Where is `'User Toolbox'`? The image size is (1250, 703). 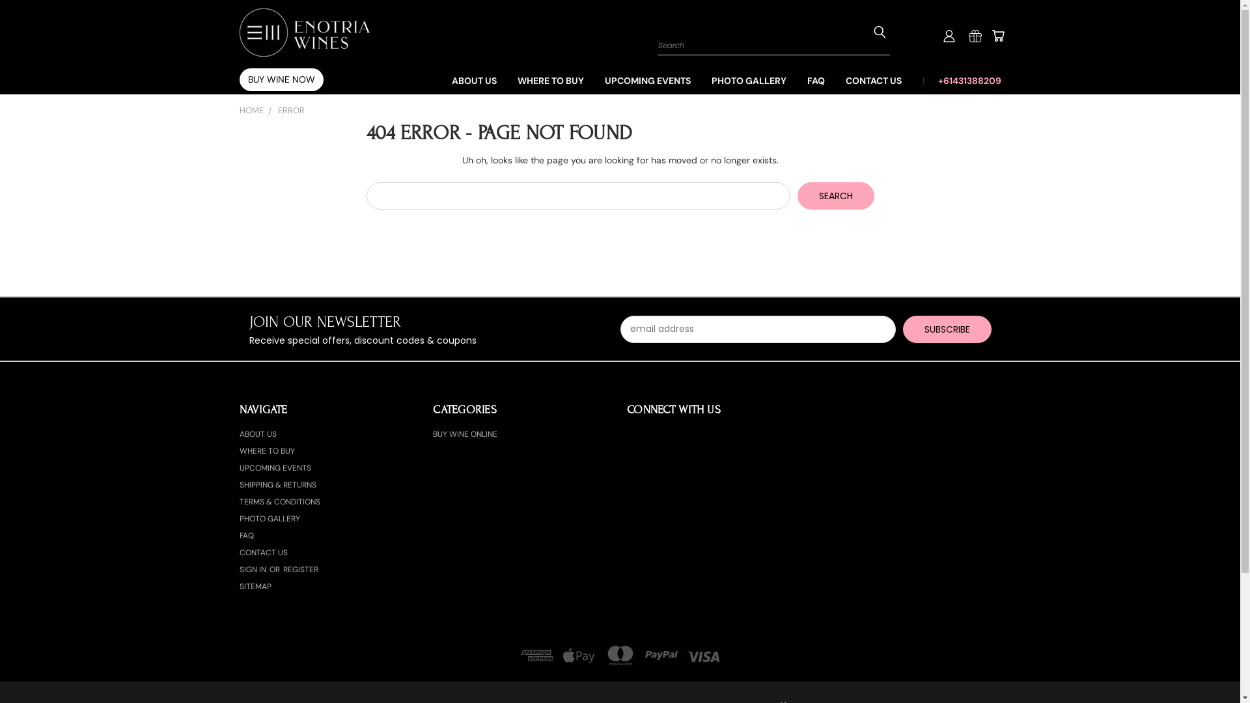 'User Toolbox' is located at coordinates (943, 34).